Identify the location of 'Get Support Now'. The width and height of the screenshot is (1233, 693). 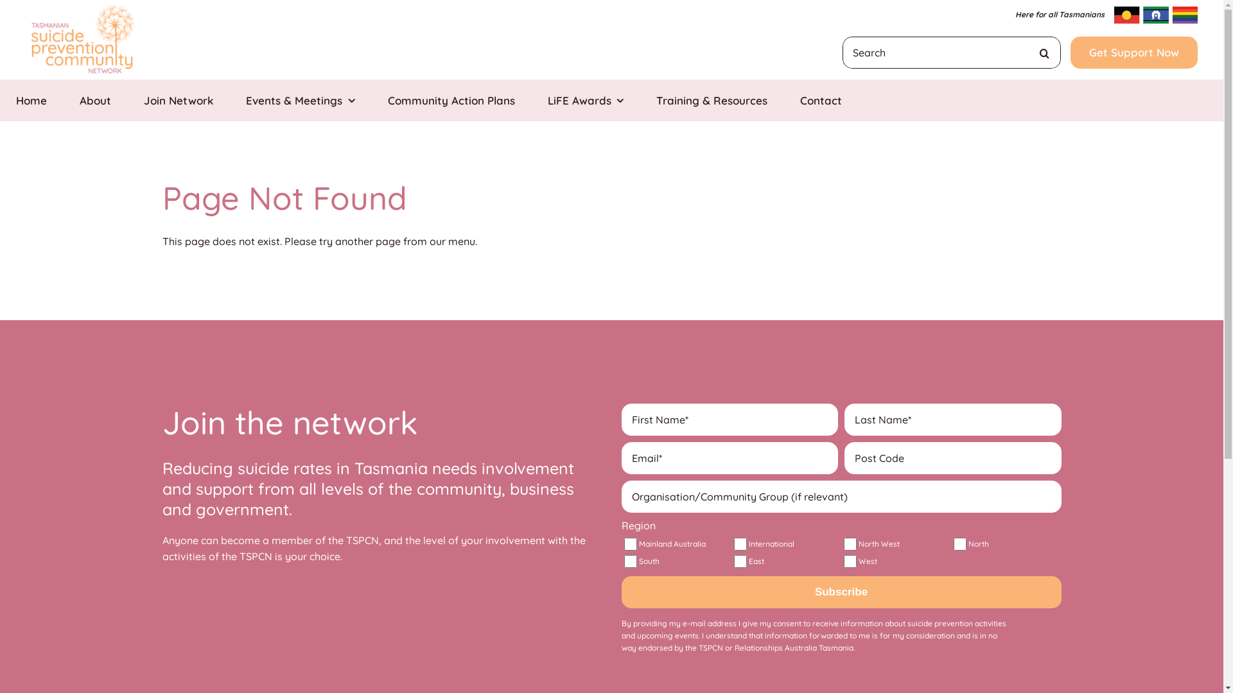
(1134, 51).